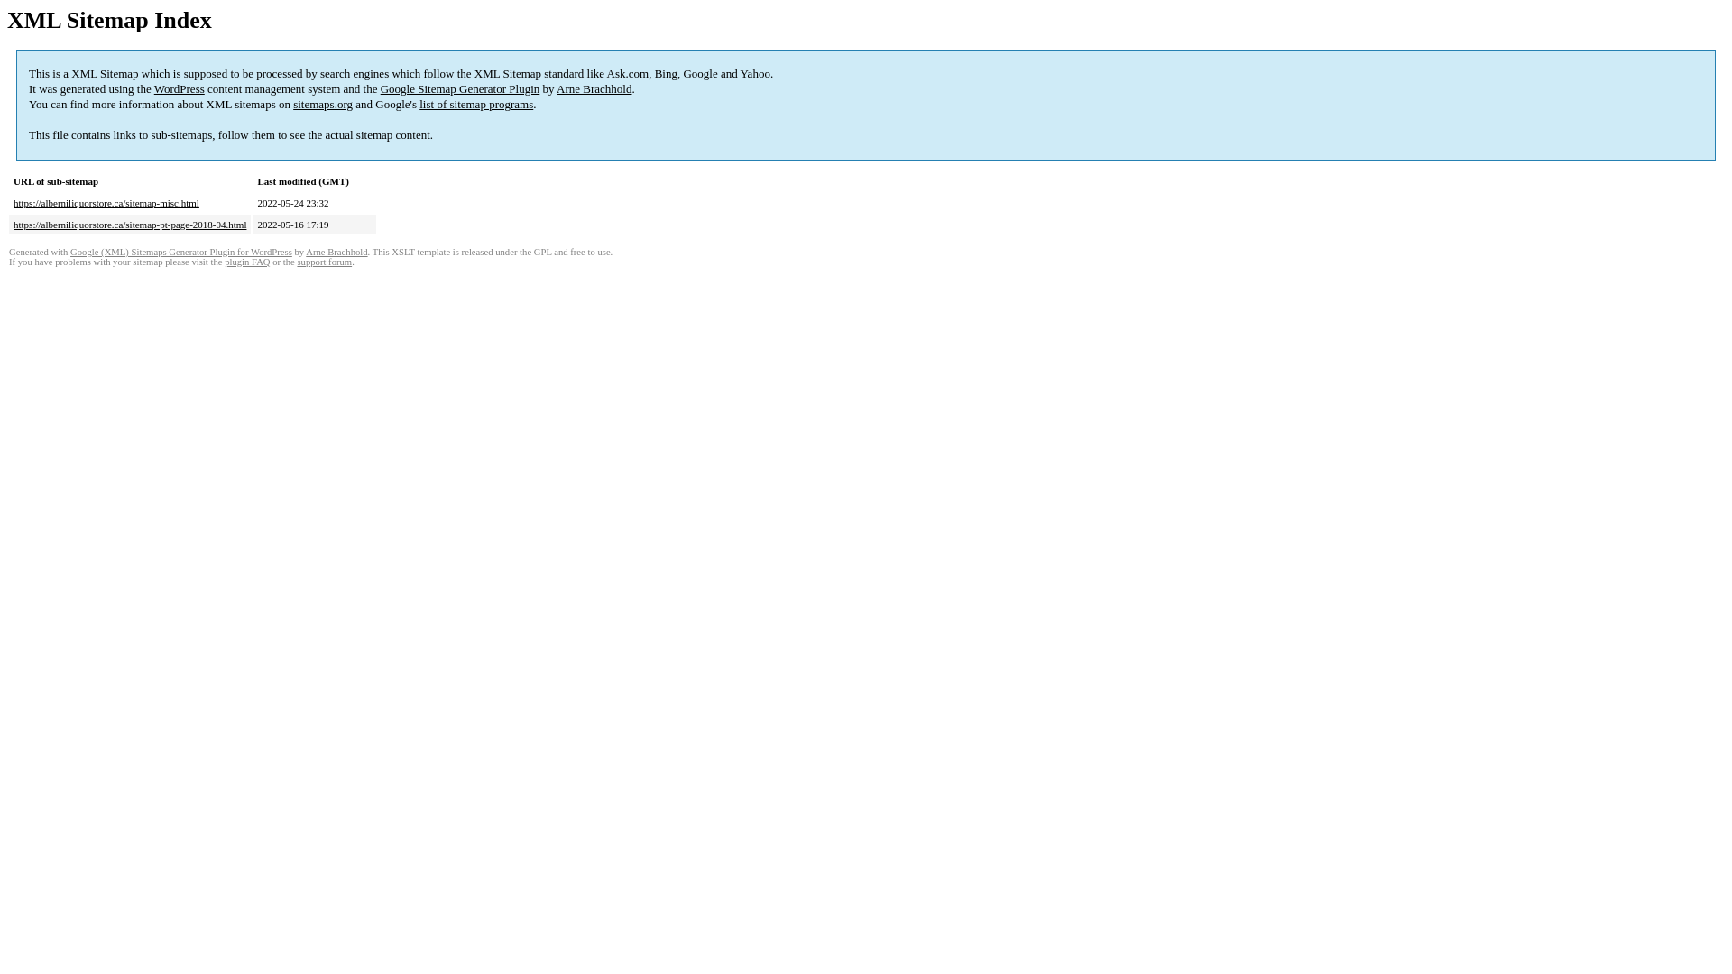 This screenshot has height=974, width=1732. Describe the element at coordinates (336, 252) in the screenshot. I see `'Arne Brachhold'` at that location.